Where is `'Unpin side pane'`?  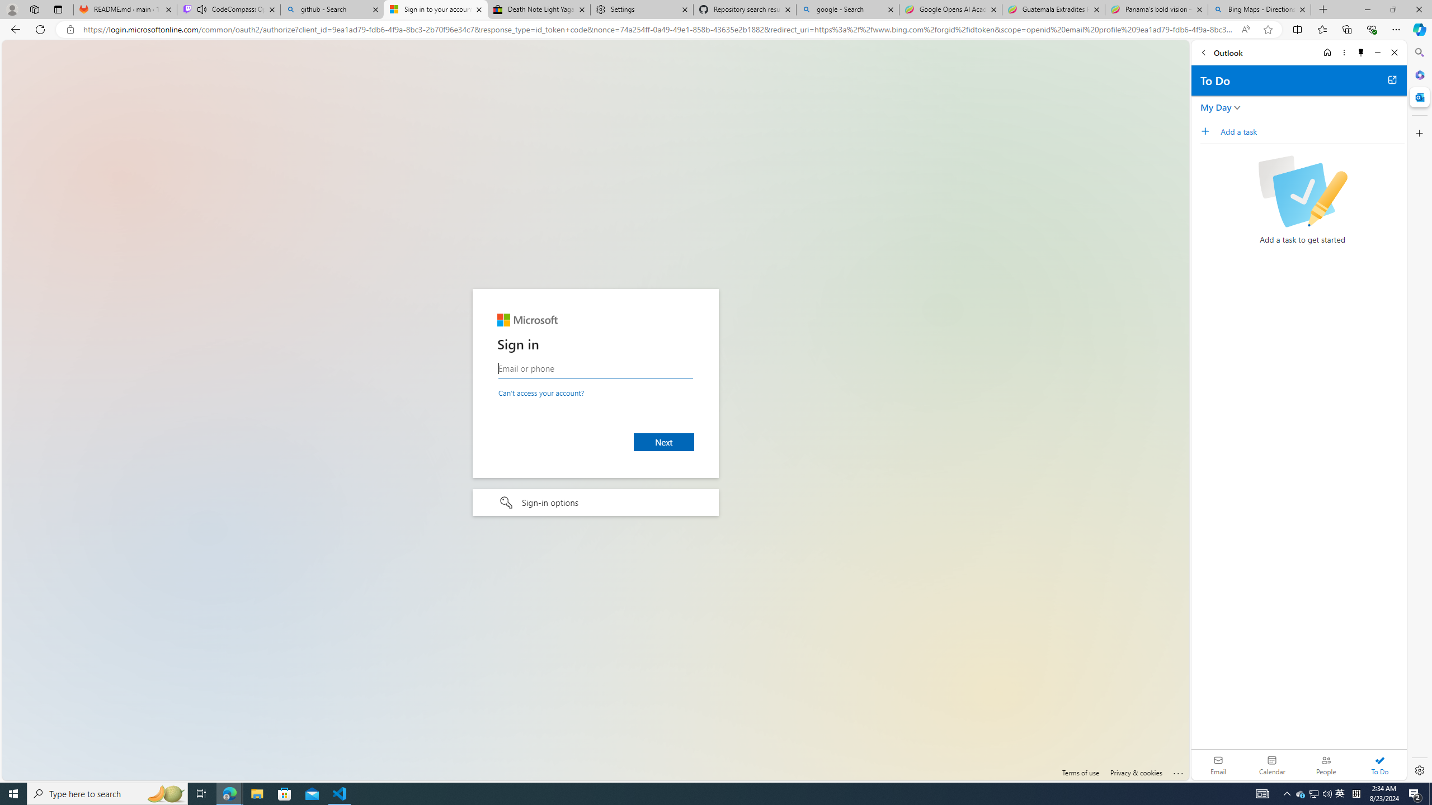 'Unpin side pane' is located at coordinates (1361, 52).